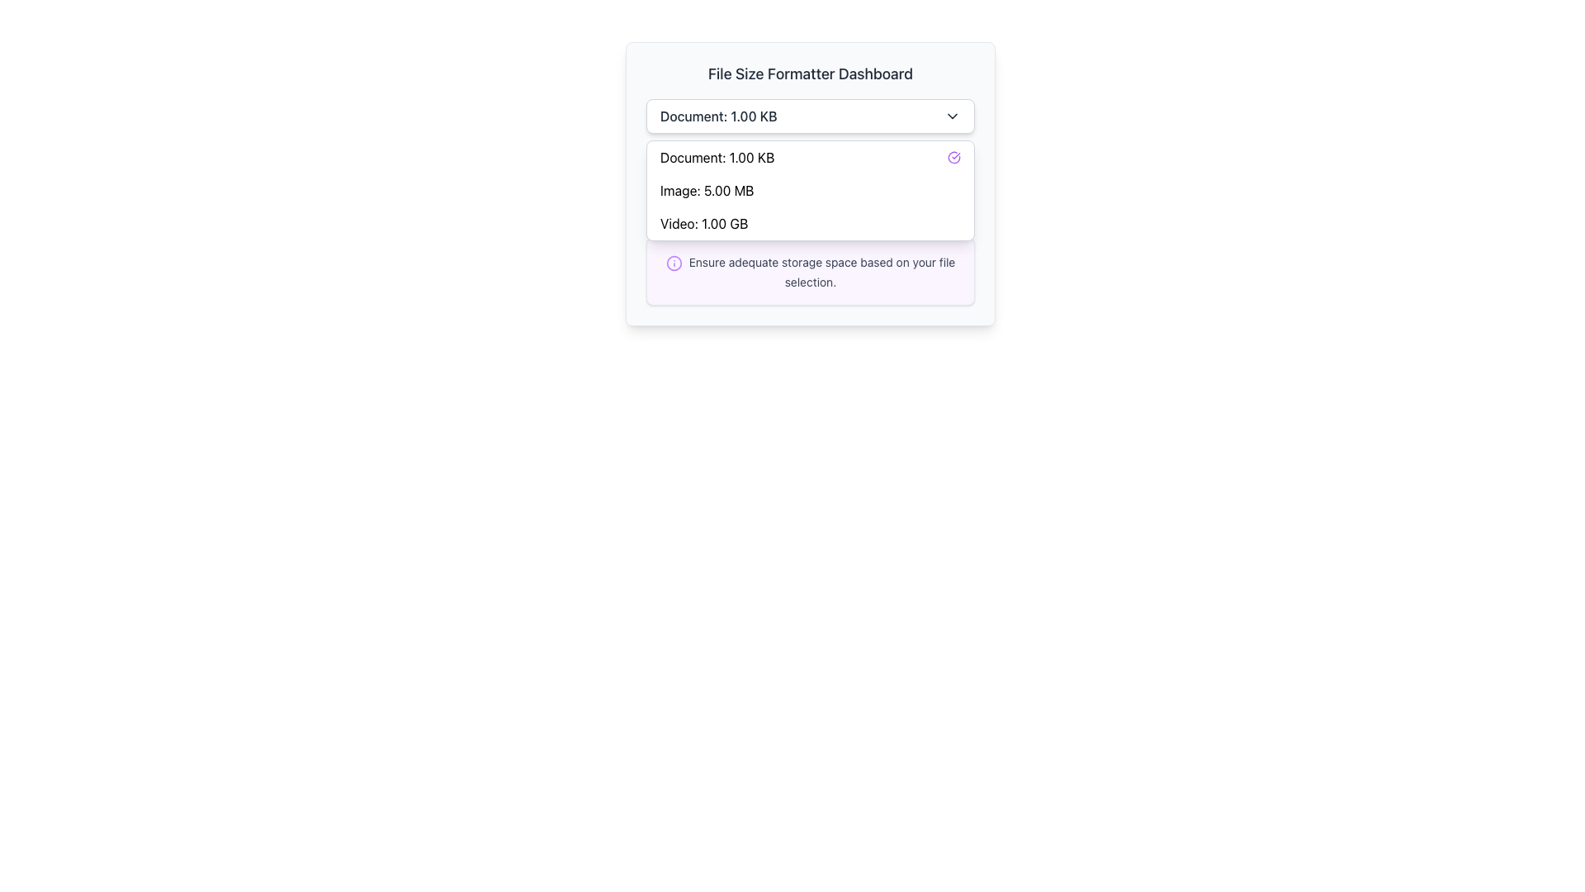 The width and height of the screenshot is (1585, 892). I want to click on the first item in the dropdown menu labeled 'Document: 1.00 KB', so click(811, 158).